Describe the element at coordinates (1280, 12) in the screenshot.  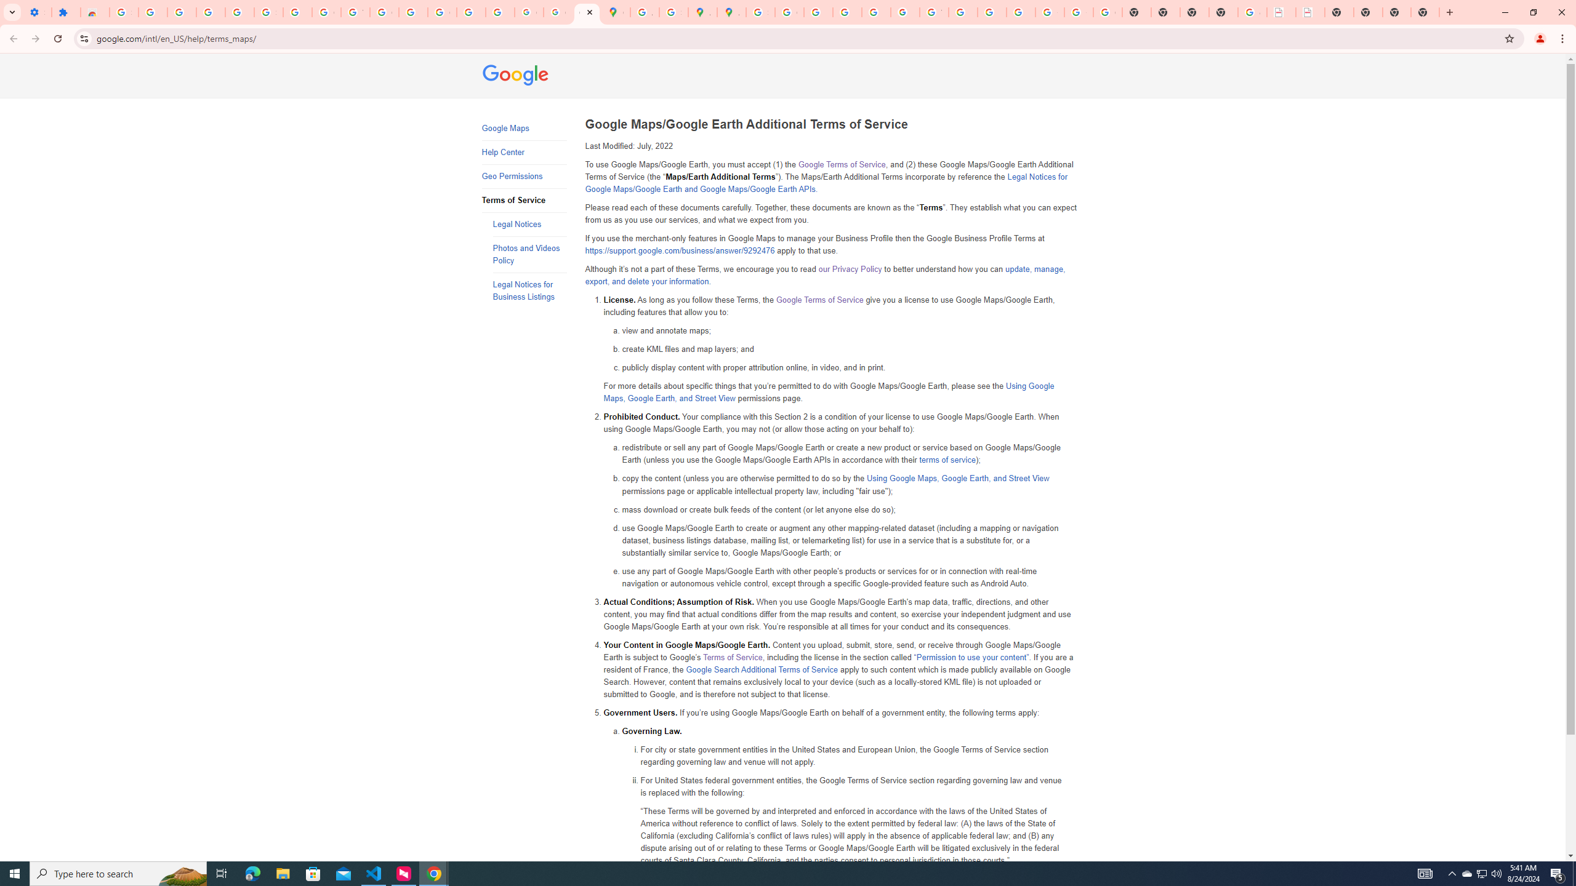
I see `'LAAD Defence & Security 2025 | BAE Systems'` at that location.